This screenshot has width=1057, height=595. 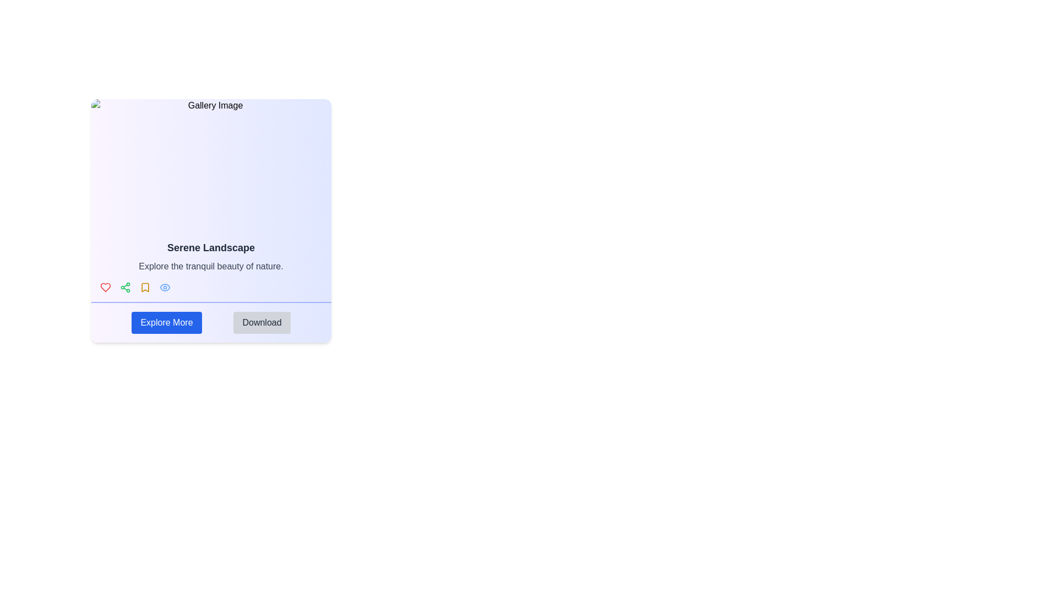 What do you see at coordinates (125, 286) in the screenshot?
I see `the green share icon, which is the second icon from the left in the top section of a card layout, positioned between a red heart icon and a yellow bookmark icon` at bounding box center [125, 286].